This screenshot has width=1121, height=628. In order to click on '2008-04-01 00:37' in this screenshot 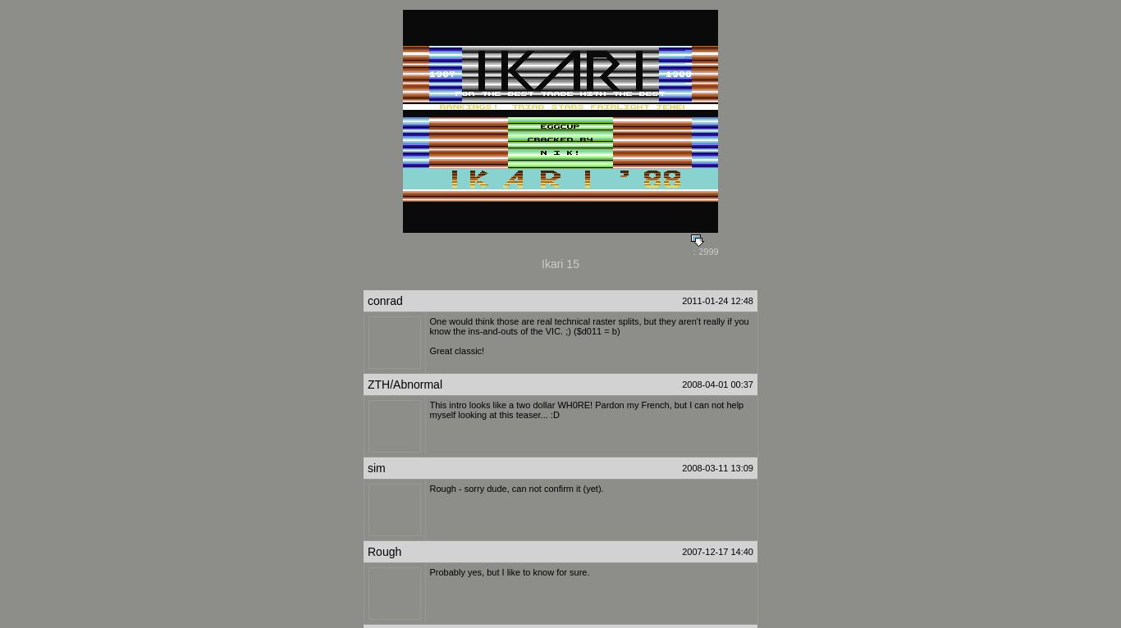, I will do `click(716, 384)`.